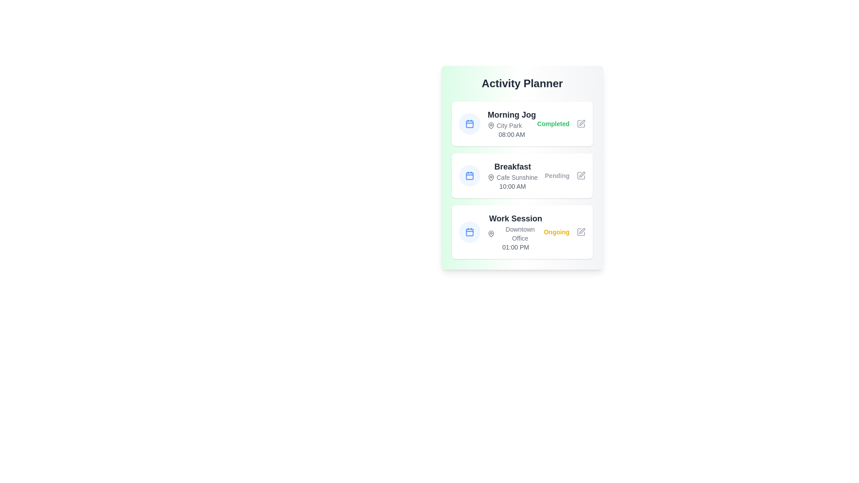 The image size is (859, 483). What do you see at coordinates (581, 232) in the screenshot?
I see `the in-place editing button located to the right of the 'Ongoing' label under the 'Work Session' task to initiate editing` at bounding box center [581, 232].